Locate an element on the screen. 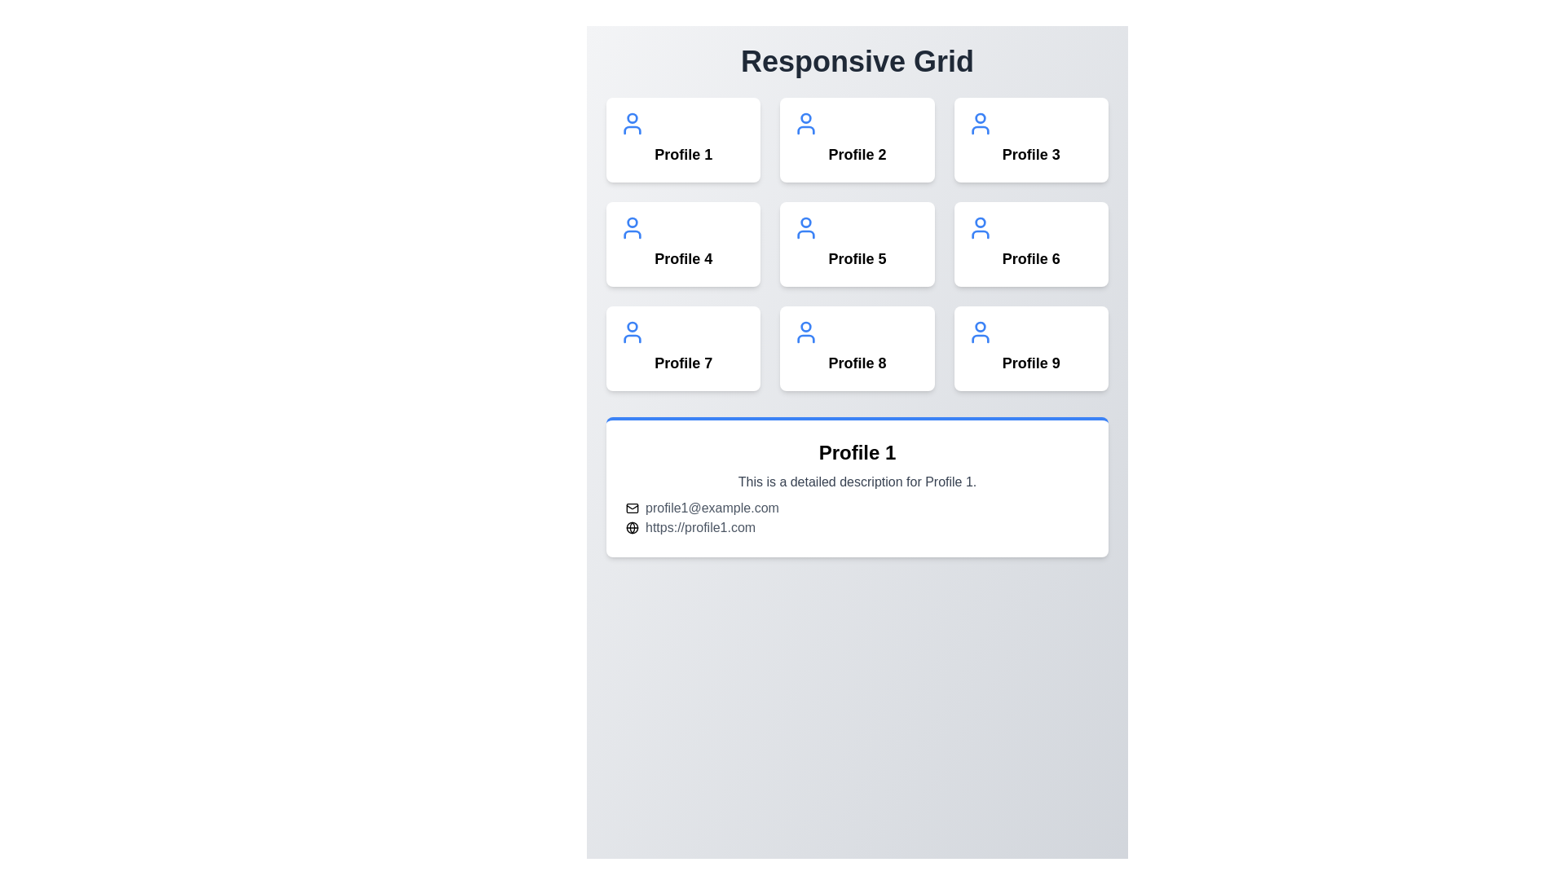 This screenshot has width=1565, height=880. the 'Profile 9' text label, which is styled in a large, bold font and is positioned below the profile icon in the bottom-right profile card of the grid layout is located at coordinates (1030, 363).